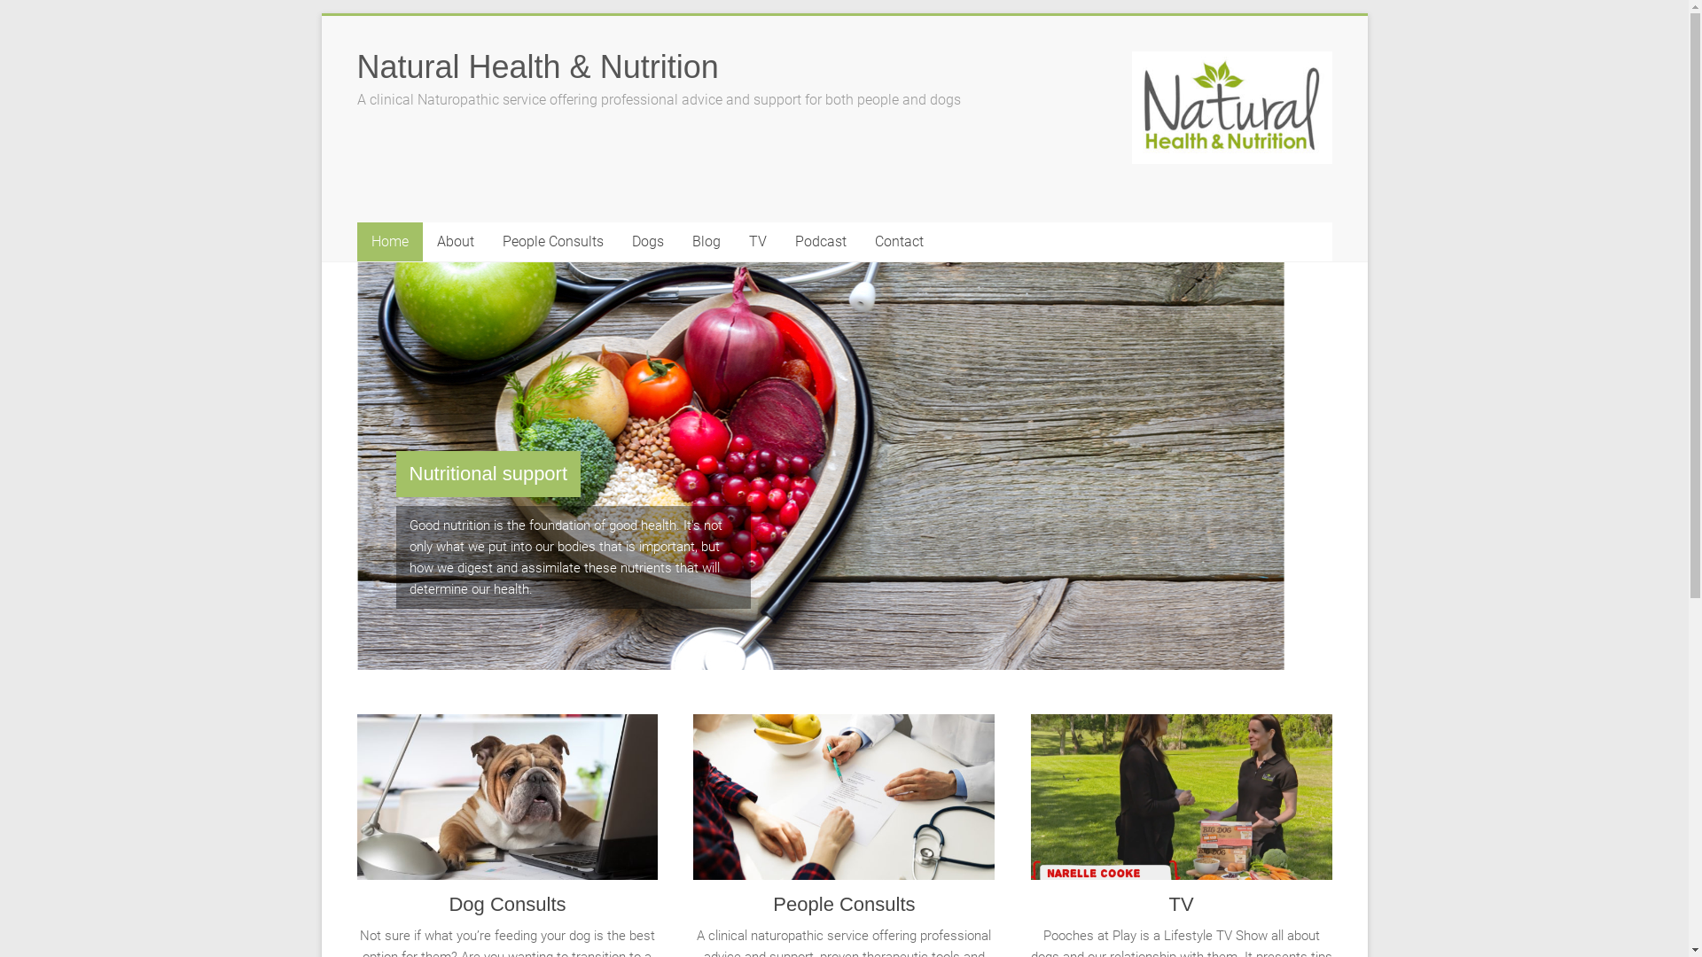  What do you see at coordinates (692, 803) in the screenshot?
I see `'People Consults'` at bounding box center [692, 803].